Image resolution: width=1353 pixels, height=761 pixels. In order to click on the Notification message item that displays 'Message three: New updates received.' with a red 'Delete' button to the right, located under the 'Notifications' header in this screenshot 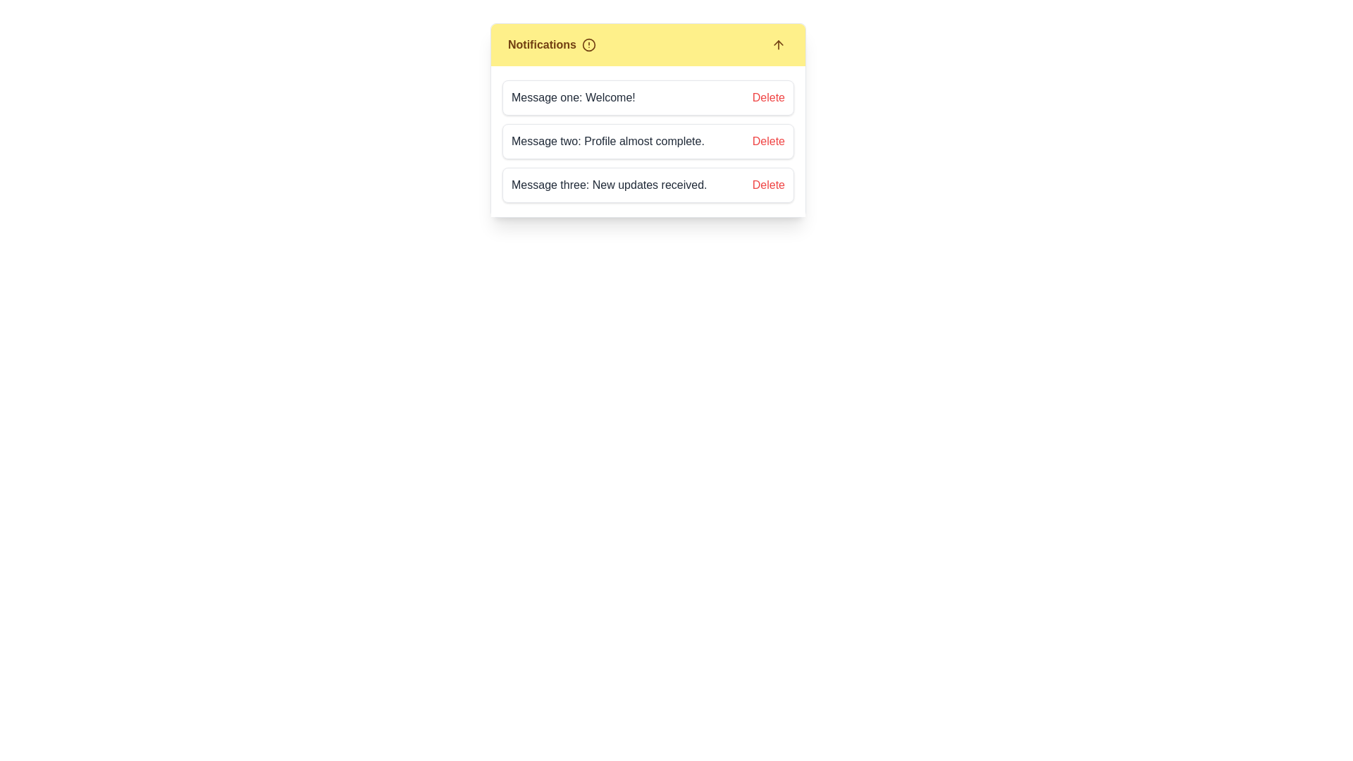, I will do `click(648, 184)`.